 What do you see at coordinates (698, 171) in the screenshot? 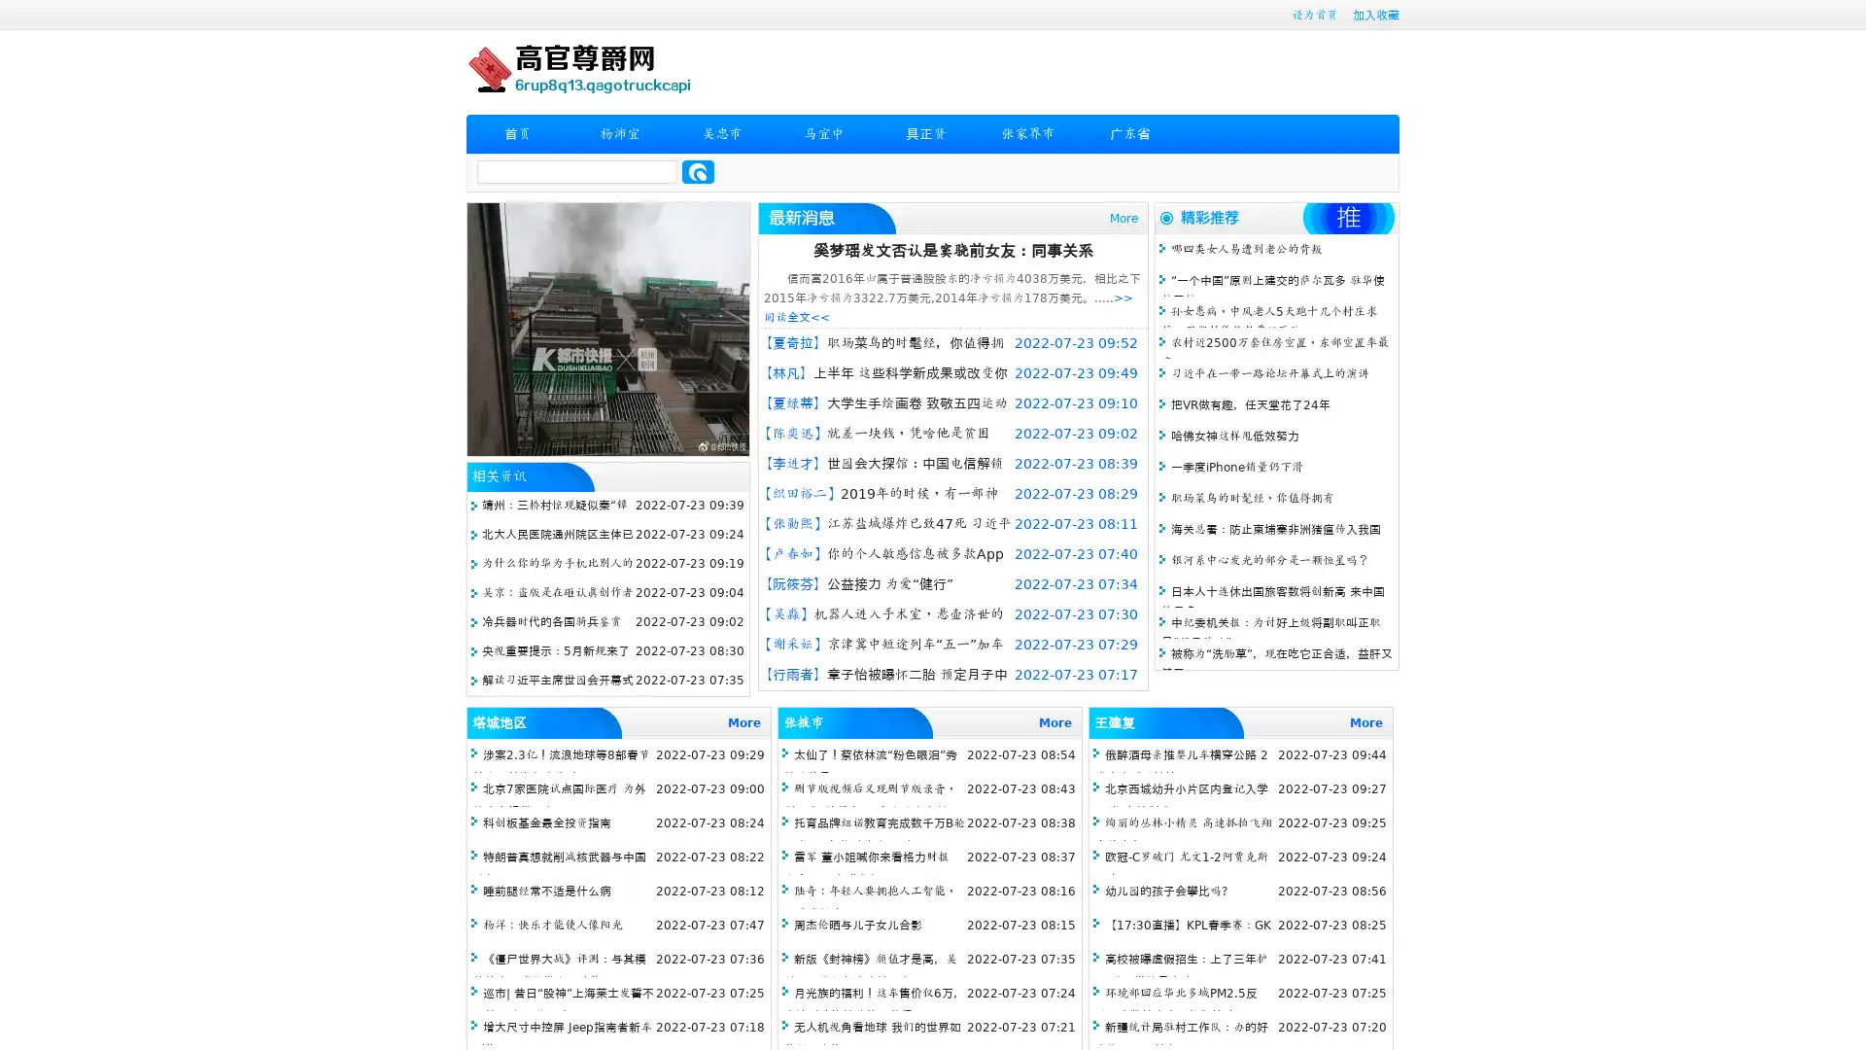
I see `Search` at bounding box center [698, 171].